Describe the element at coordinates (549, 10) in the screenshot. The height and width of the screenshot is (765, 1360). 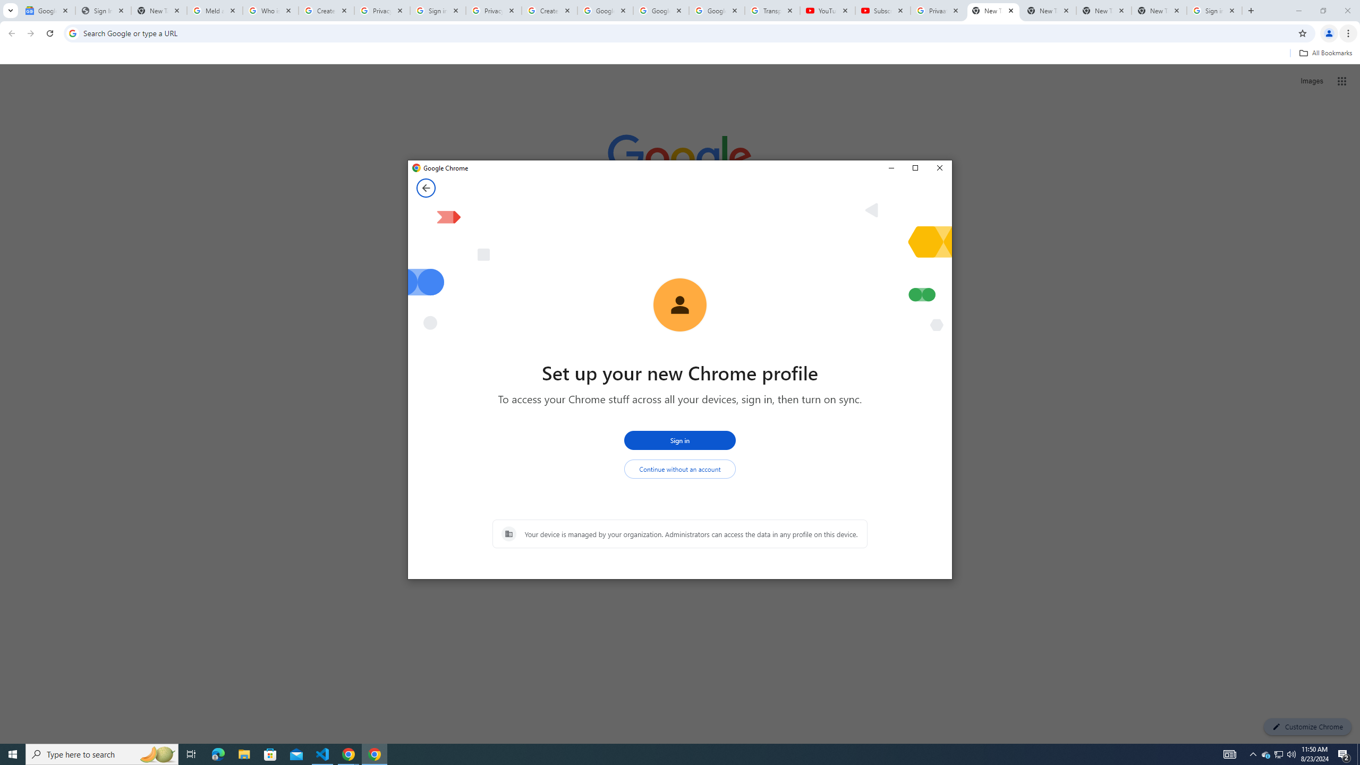
I see `'Create your Google Account'` at that location.